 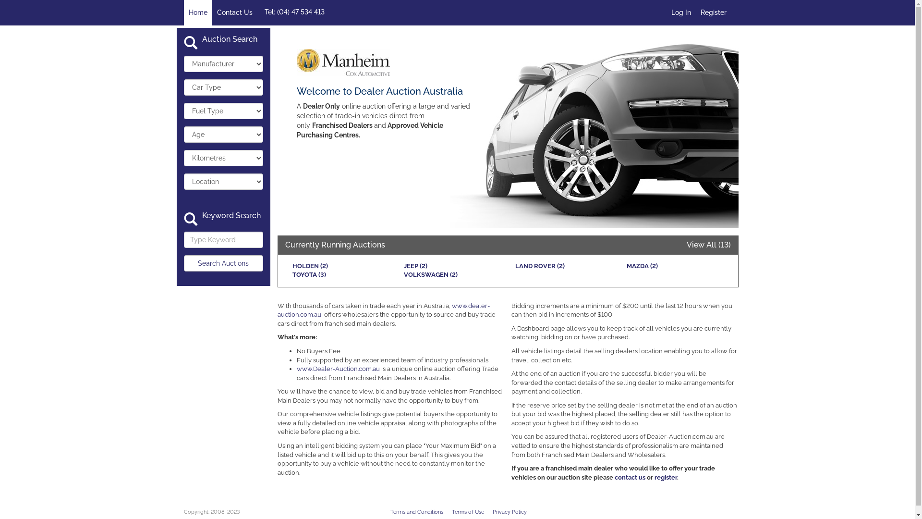 What do you see at coordinates (713, 12) in the screenshot?
I see `'Register'` at bounding box center [713, 12].